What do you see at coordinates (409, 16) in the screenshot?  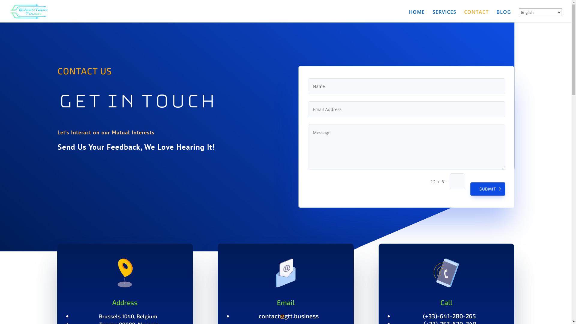 I see `'HOME'` at bounding box center [409, 16].